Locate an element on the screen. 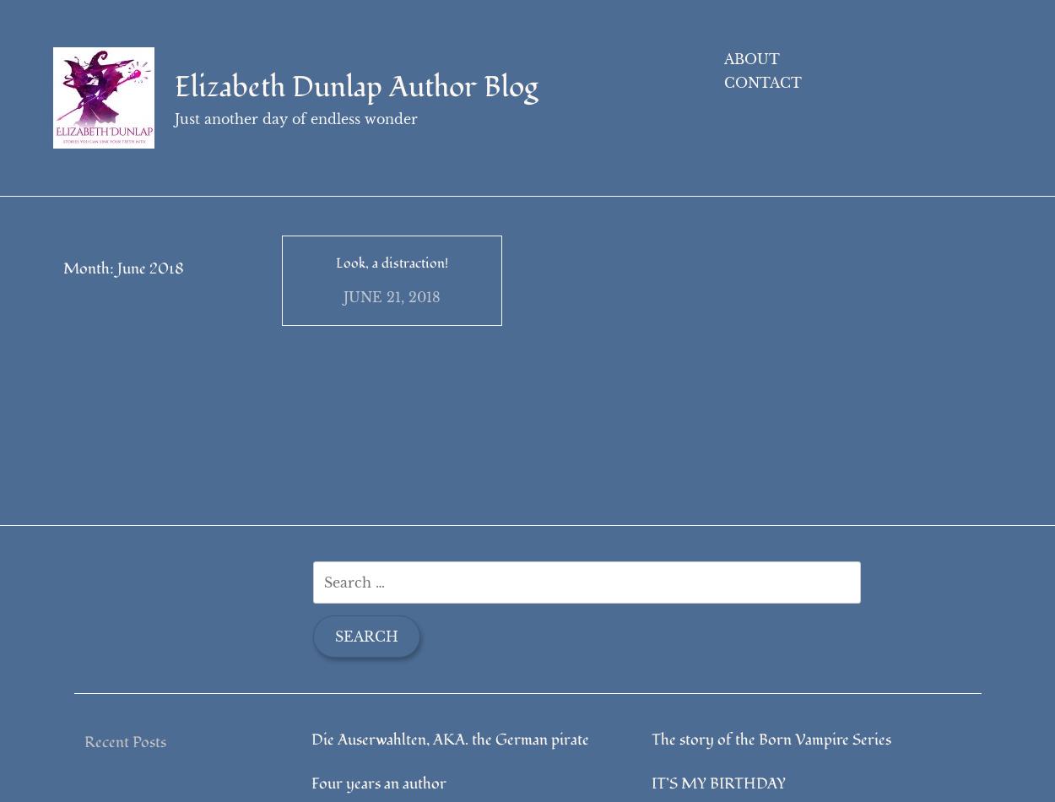 This screenshot has width=1055, height=802. 'Month:' is located at coordinates (62, 268).